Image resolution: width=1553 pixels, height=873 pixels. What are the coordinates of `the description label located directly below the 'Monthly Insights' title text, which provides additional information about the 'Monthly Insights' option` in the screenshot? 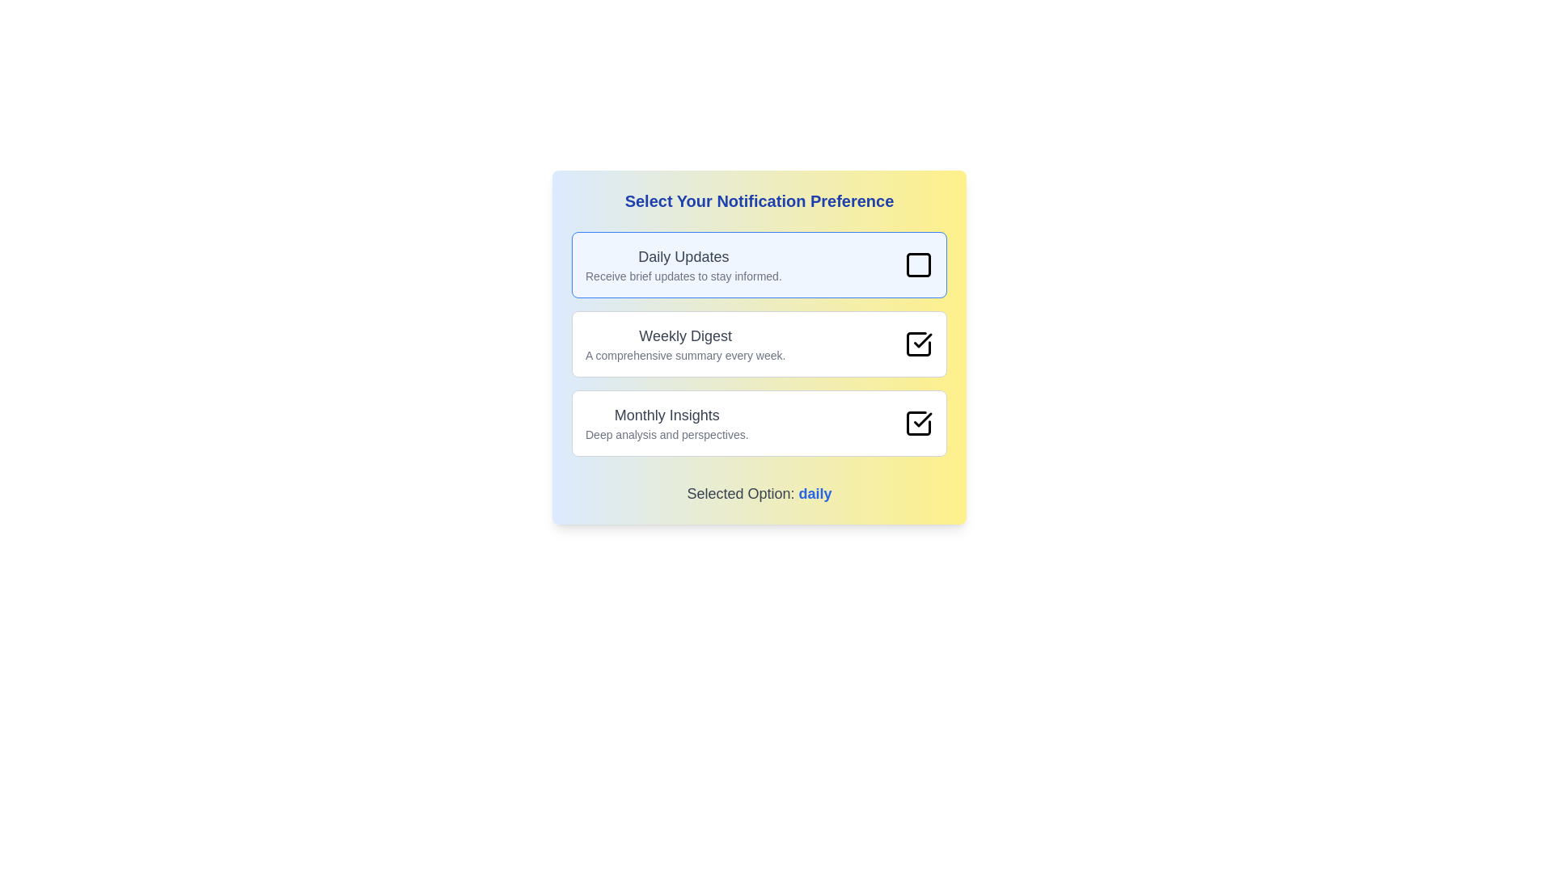 It's located at (666, 433).